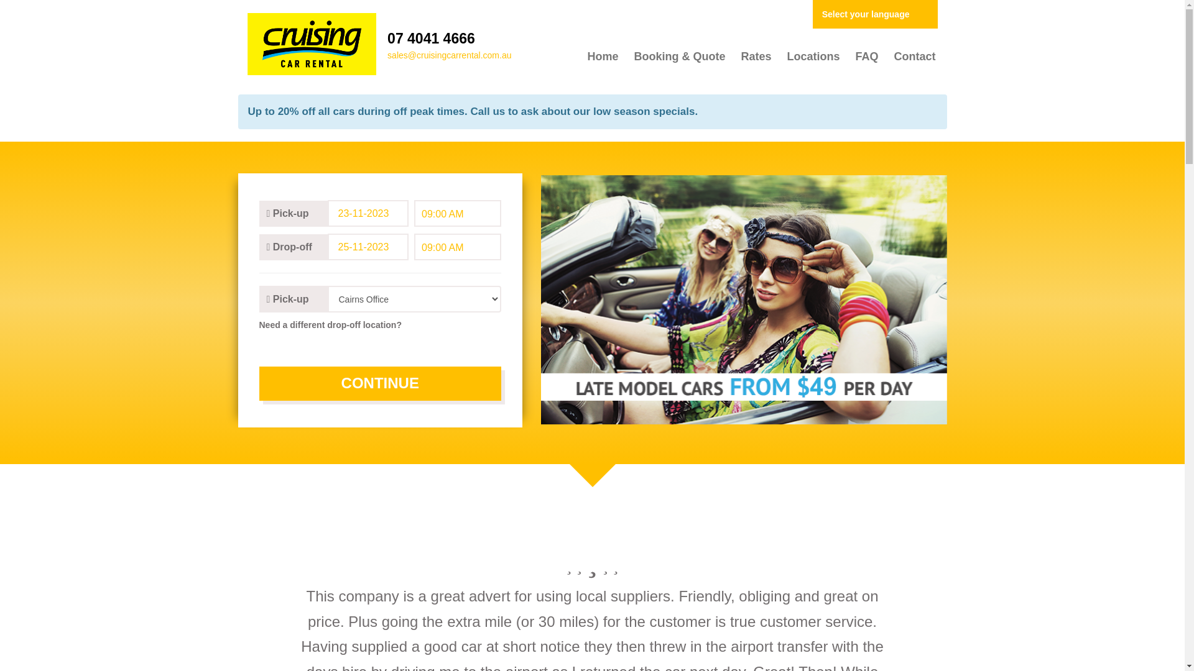  What do you see at coordinates (865, 56) in the screenshot?
I see `'FAQ'` at bounding box center [865, 56].